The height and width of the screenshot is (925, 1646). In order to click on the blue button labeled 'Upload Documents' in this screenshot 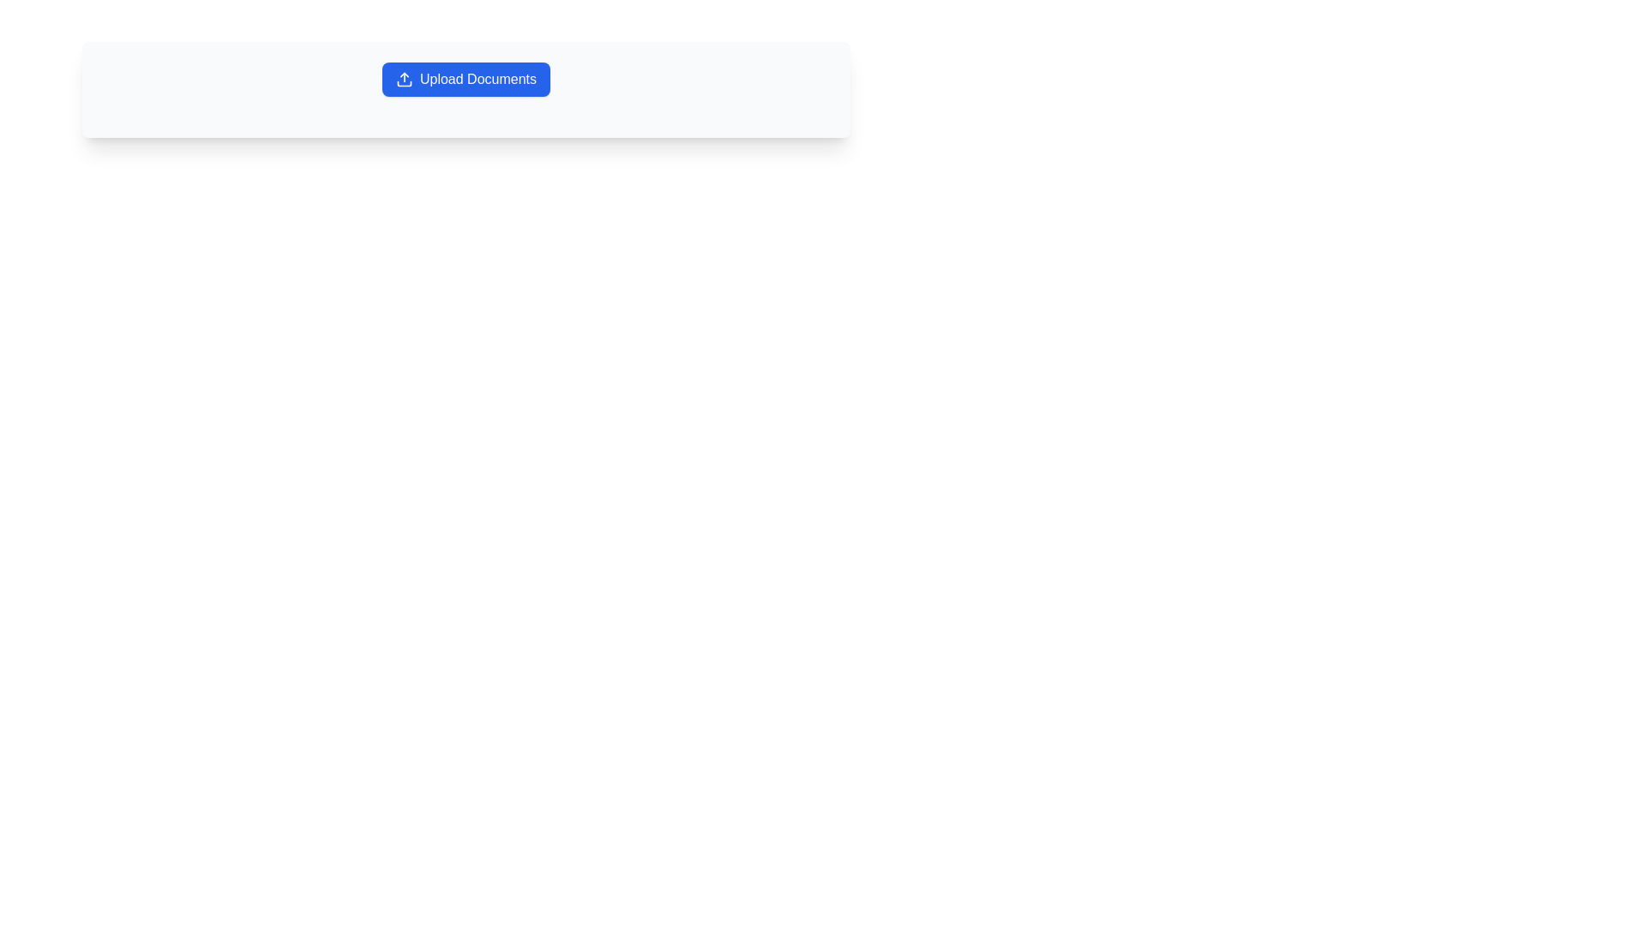, I will do `click(466, 89)`.